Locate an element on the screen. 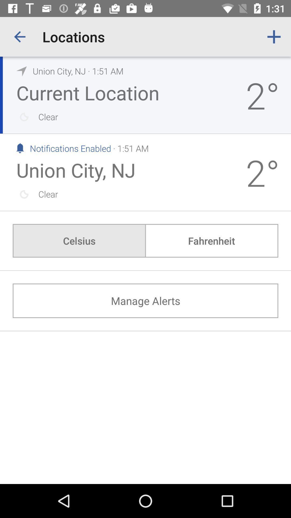 The image size is (291, 518). the manage alerts icon is located at coordinates (145, 300).